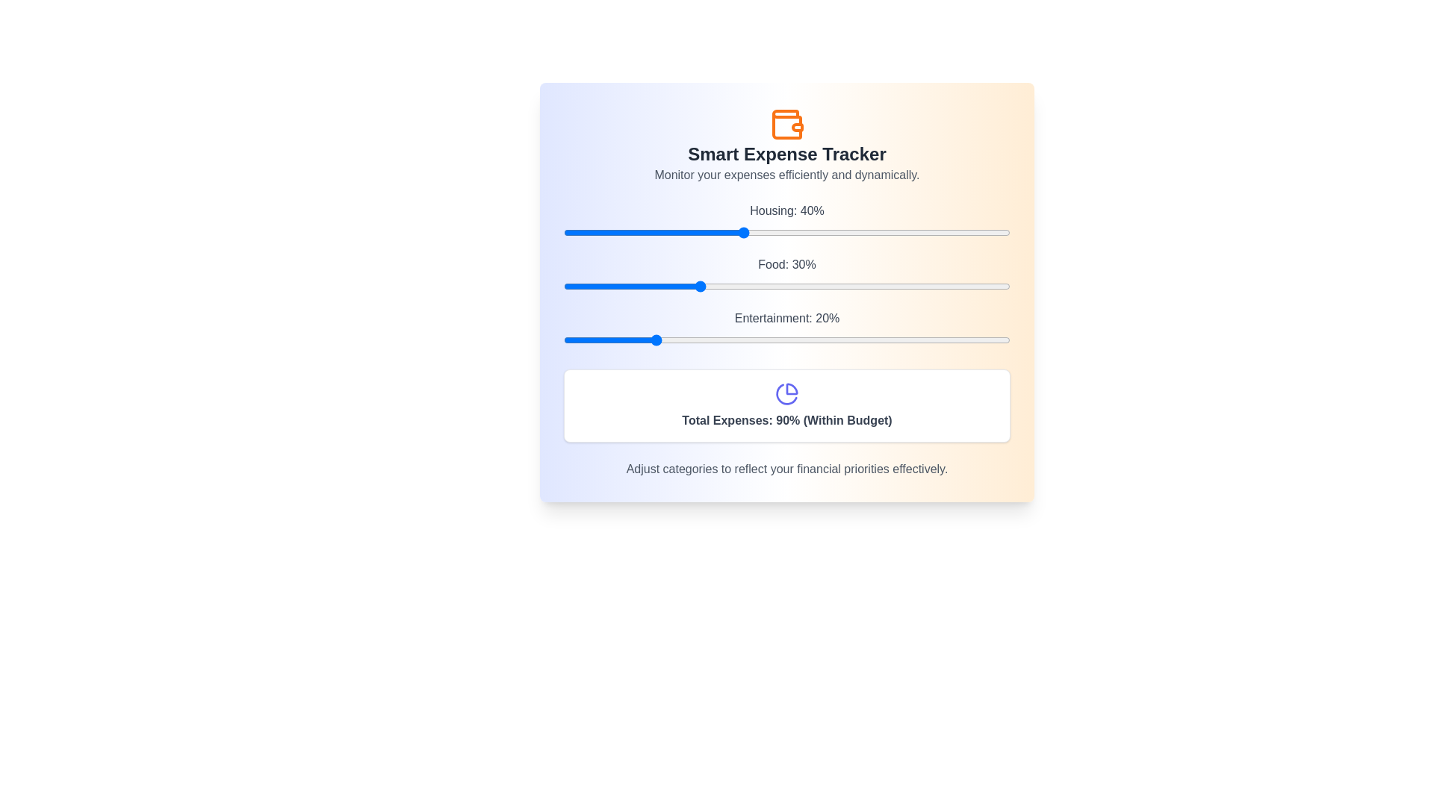 This screenshot has height=806, width=1434. Describe the element at coordinates (603, 287) in the screenshot. I see `the Food slider to set its value to 9%` at that location.